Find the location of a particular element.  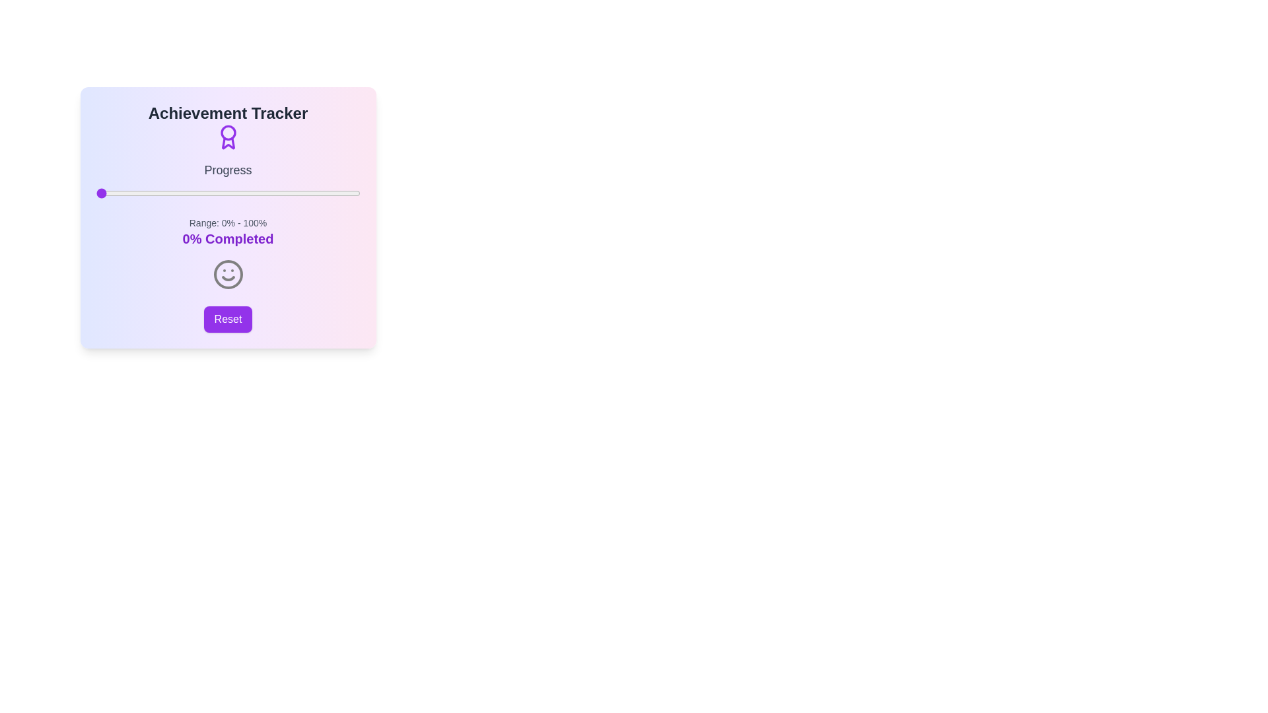

the progress slider to 14% is located at coordinates (133, 193).